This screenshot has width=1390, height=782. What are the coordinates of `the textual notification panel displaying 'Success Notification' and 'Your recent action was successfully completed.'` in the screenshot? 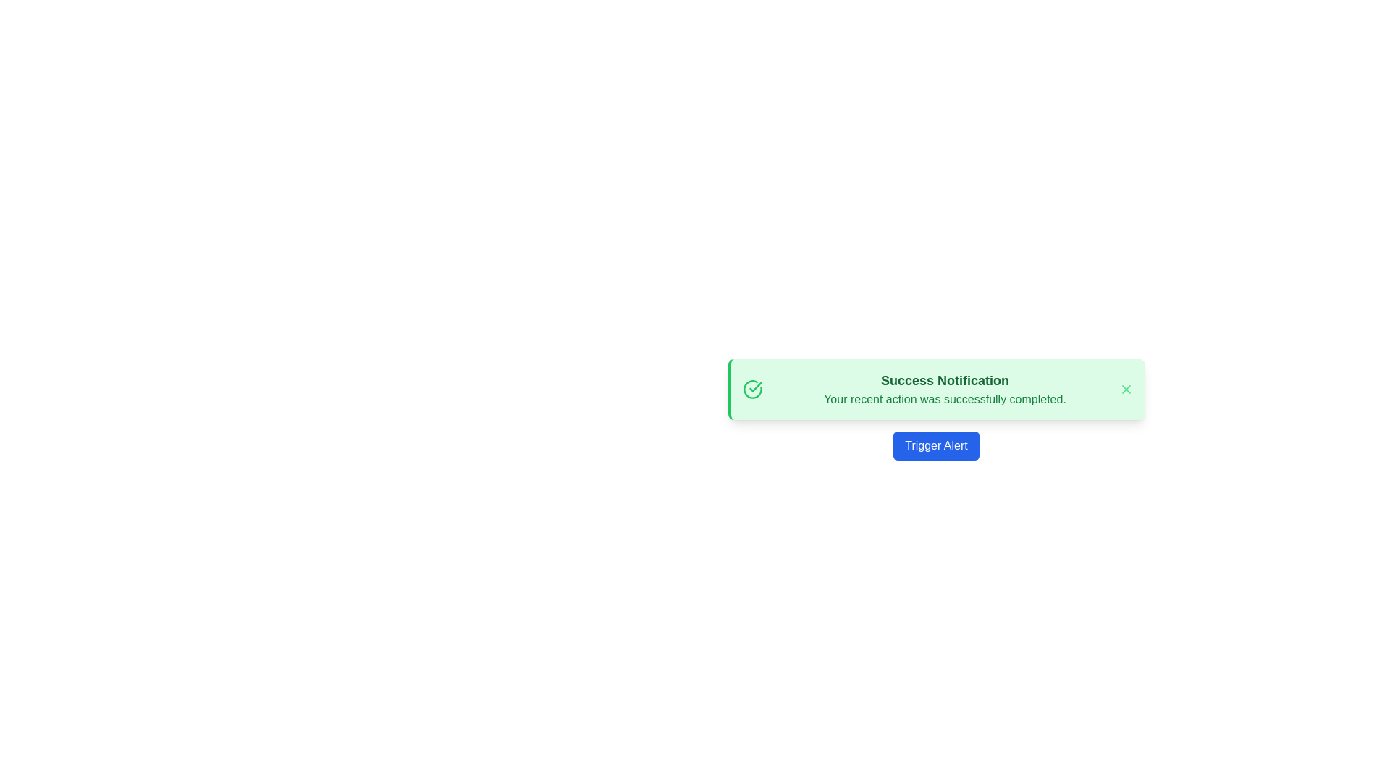 It's located at (945, 388).